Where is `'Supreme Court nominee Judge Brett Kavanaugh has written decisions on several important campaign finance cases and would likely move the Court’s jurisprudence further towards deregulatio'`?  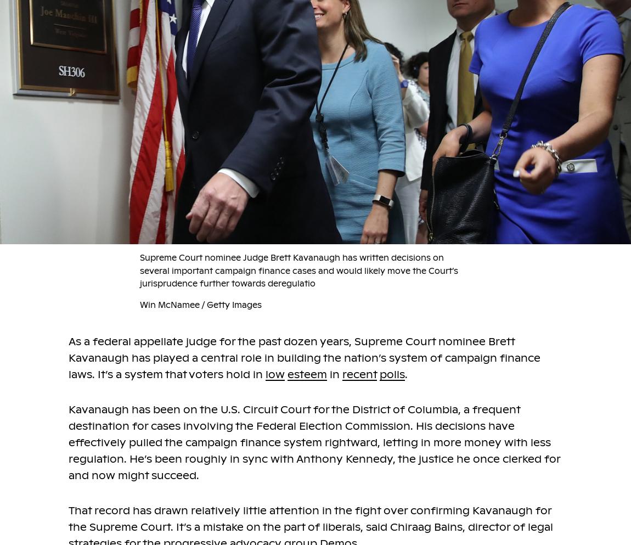 'Supreme Court nominee Judge Brett Kavanaugh has written decisions on several important campaign finance cases and would likely move the Court’s jurisprudence further towards deregulatio' is located at coordinates (298, 270).